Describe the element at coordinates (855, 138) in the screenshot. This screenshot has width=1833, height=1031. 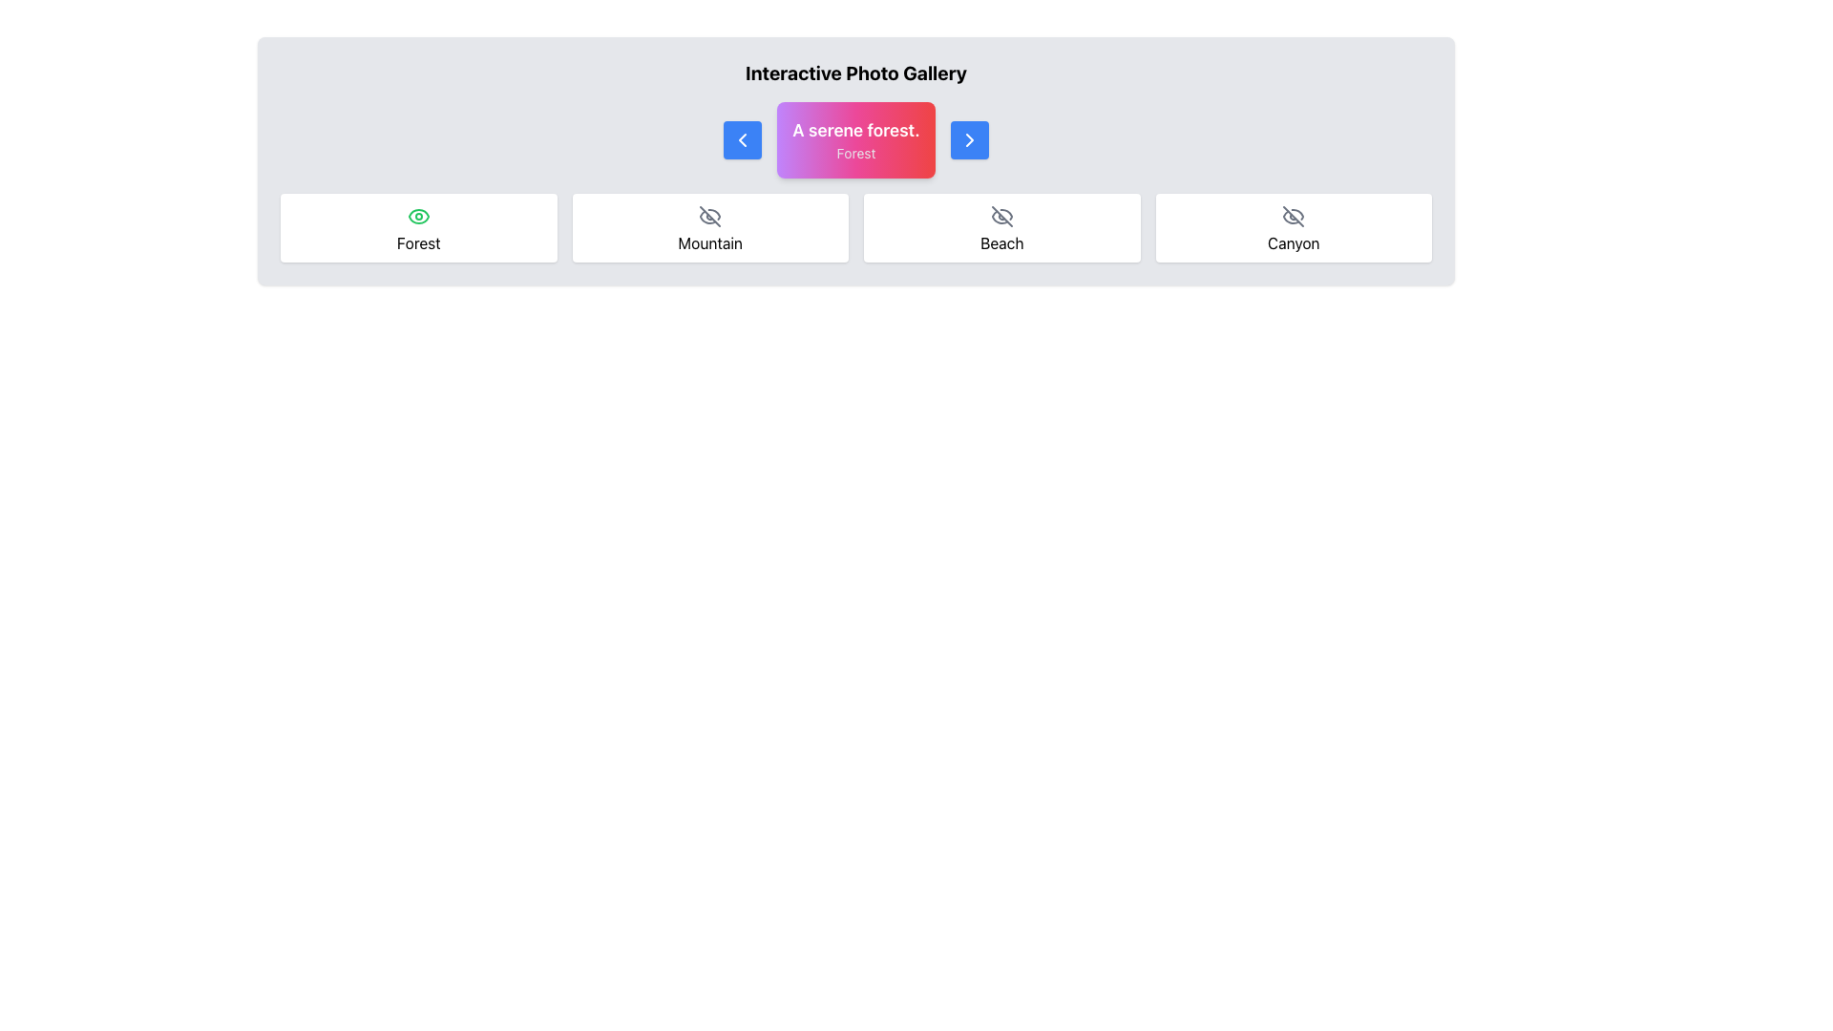
I see `the information displayed in the informational display located at the top center of the light gray panel, which showcases a descriptive title and subtitle, while being flanked by blue buttons with arrow icons` at that location.